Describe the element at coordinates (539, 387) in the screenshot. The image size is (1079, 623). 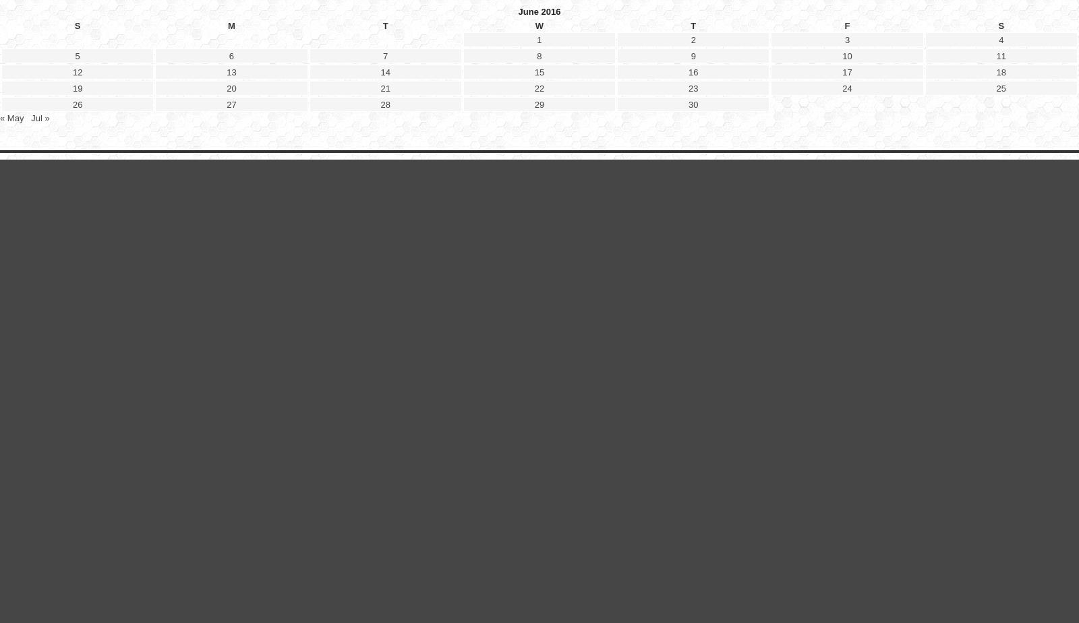
I see `'8'` at that location.